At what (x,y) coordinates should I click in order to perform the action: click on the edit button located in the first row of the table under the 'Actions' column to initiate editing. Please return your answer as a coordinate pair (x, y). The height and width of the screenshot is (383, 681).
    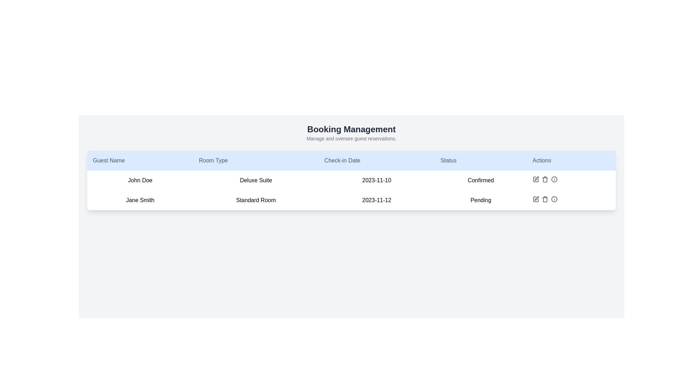
    Looking at the image, I should click on (536, 179).